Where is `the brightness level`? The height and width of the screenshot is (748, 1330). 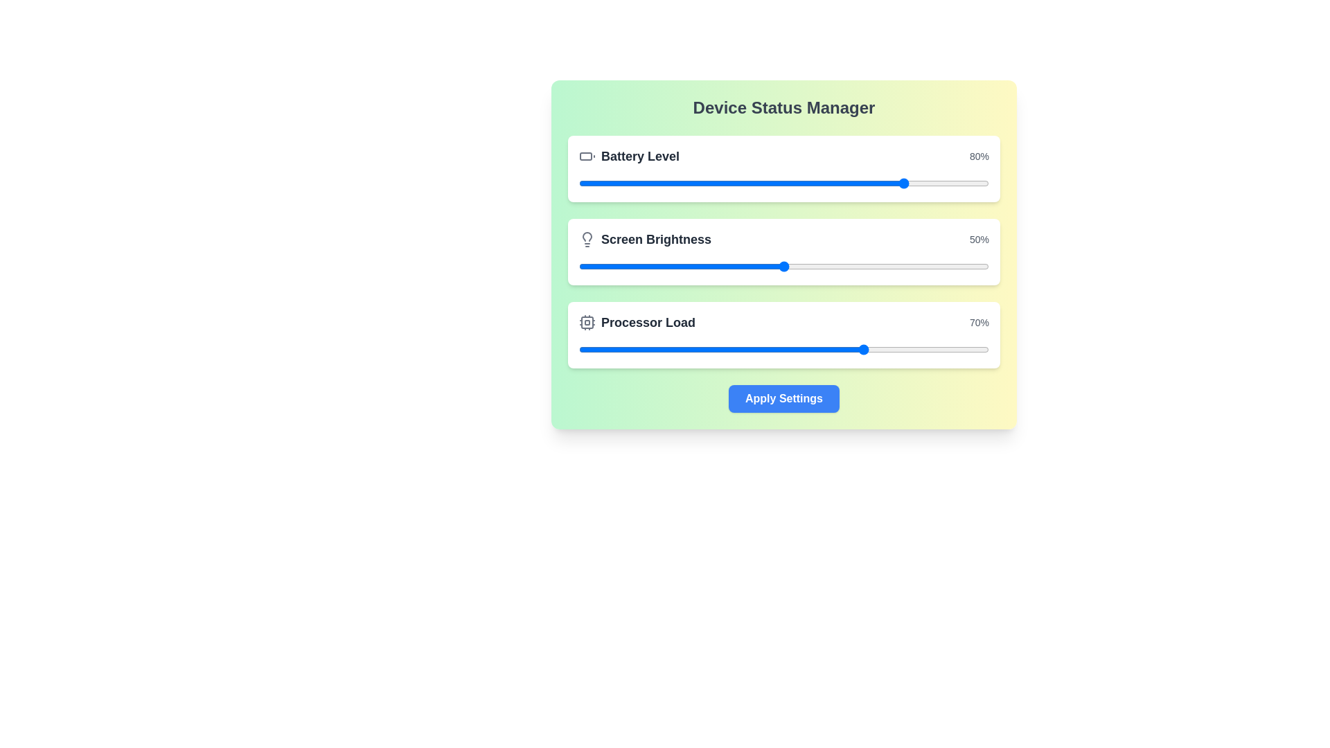 the brightness level is located at coordinates (702, 267).